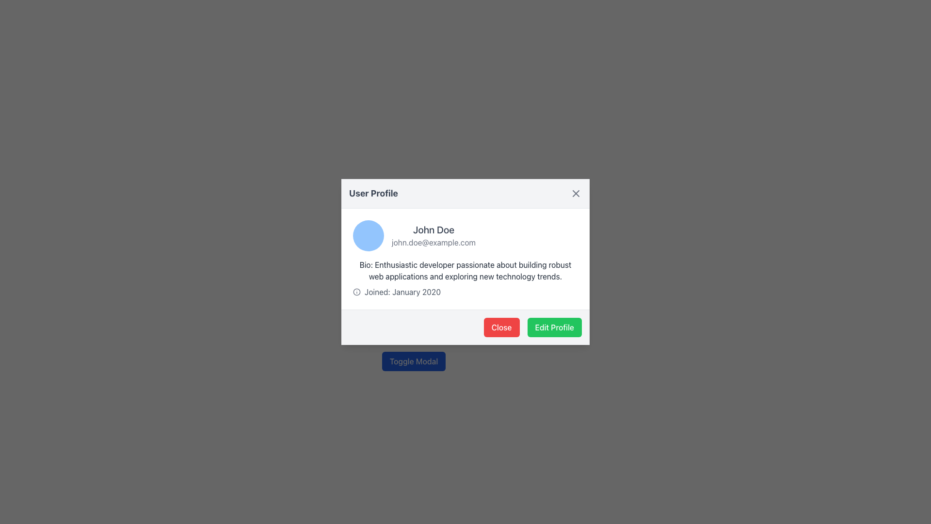  What do you see at coordinates (373, 193) in the screenshot?
I see `the 'User Profile' text which is displayed in bold and large gray font at the top of the modal header` at bounding box center [373, 193].